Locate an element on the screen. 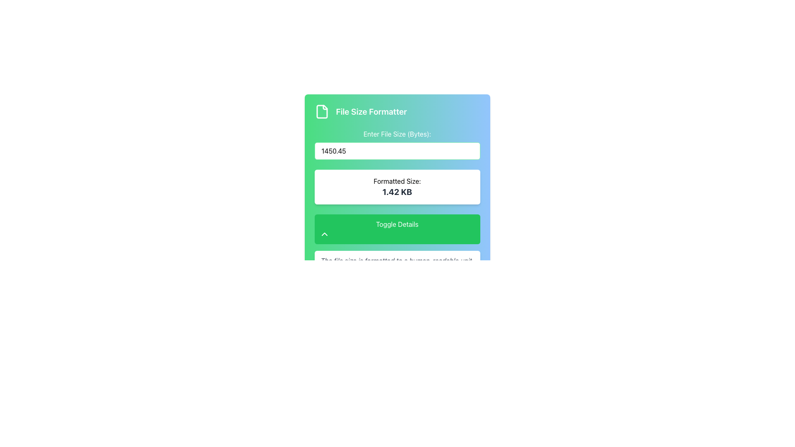 The image size is (795, 447). descriptive text located at the bottom of the card layout, below the 'Toggle Details' button, which explains the purpose of file size formatting is located at coordinates (397, 260).